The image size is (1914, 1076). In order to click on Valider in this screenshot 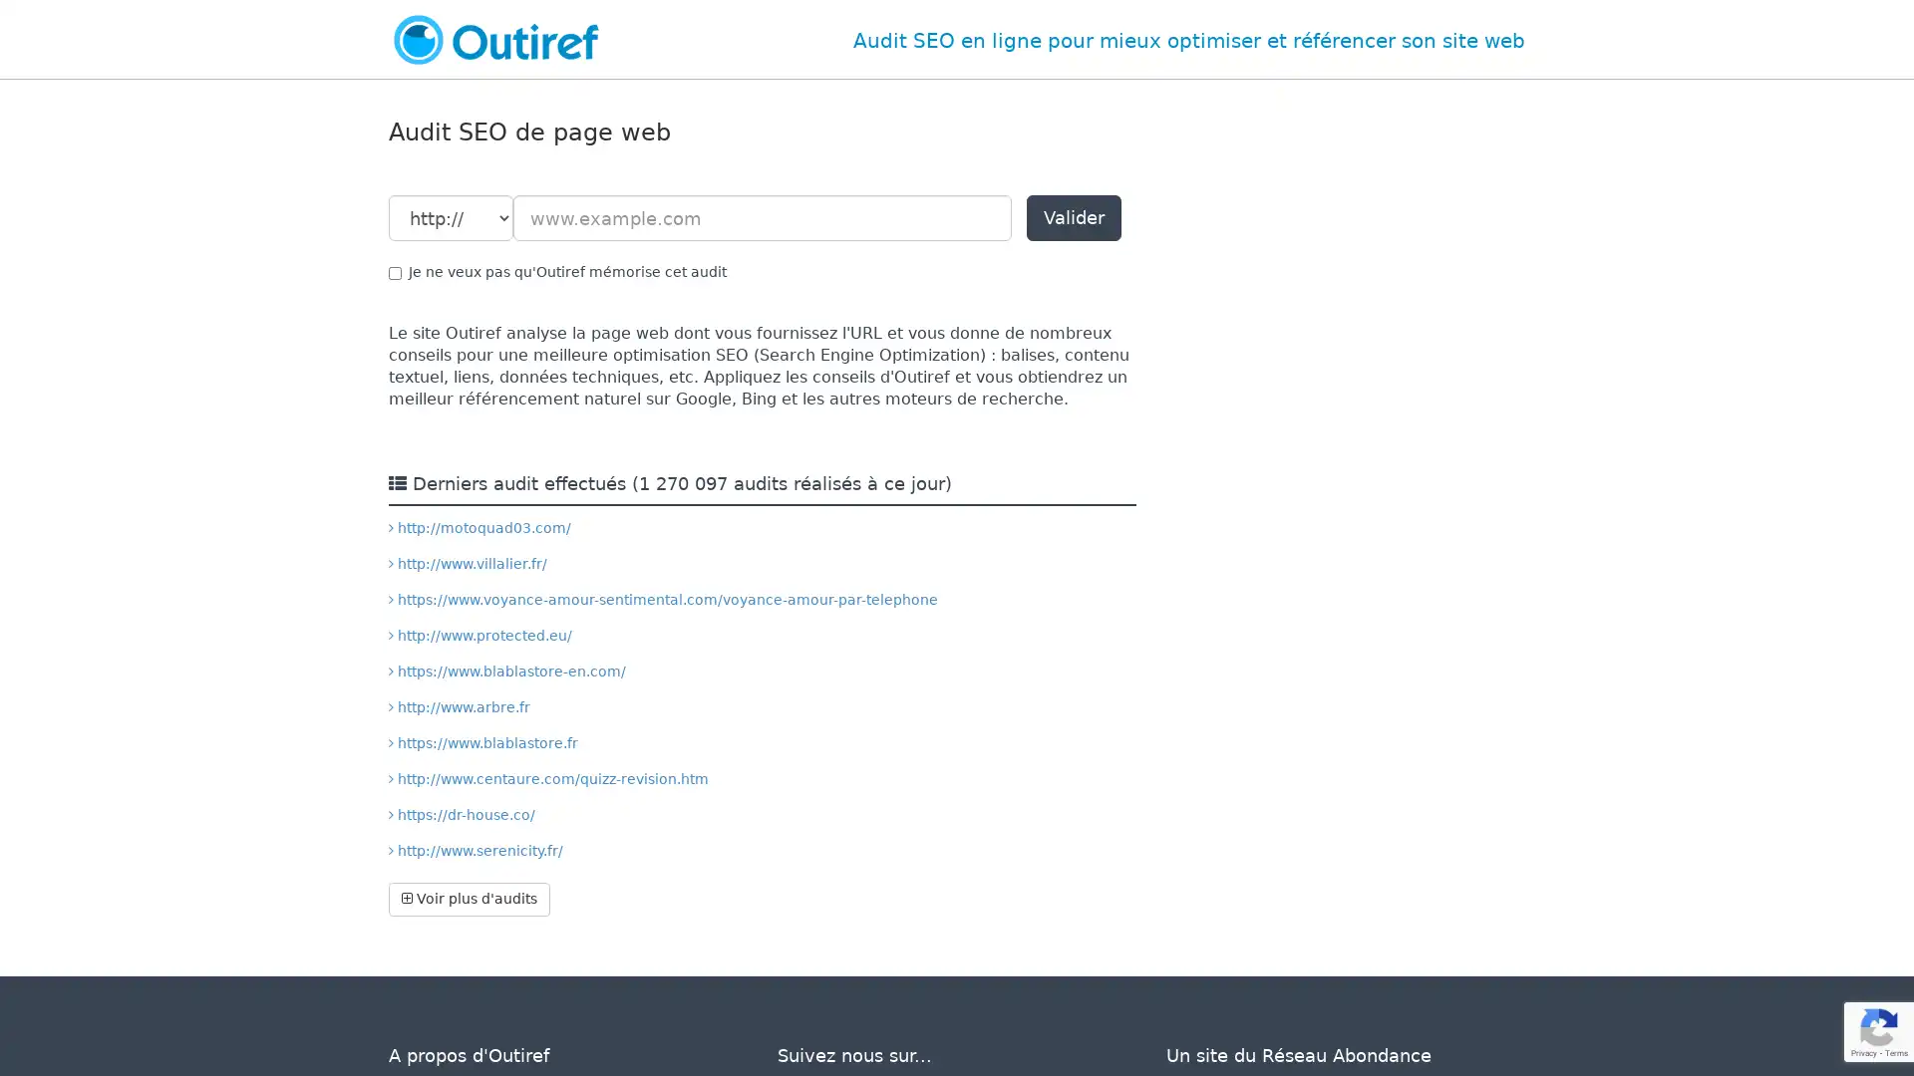, I will do `click(1073, 218)`.